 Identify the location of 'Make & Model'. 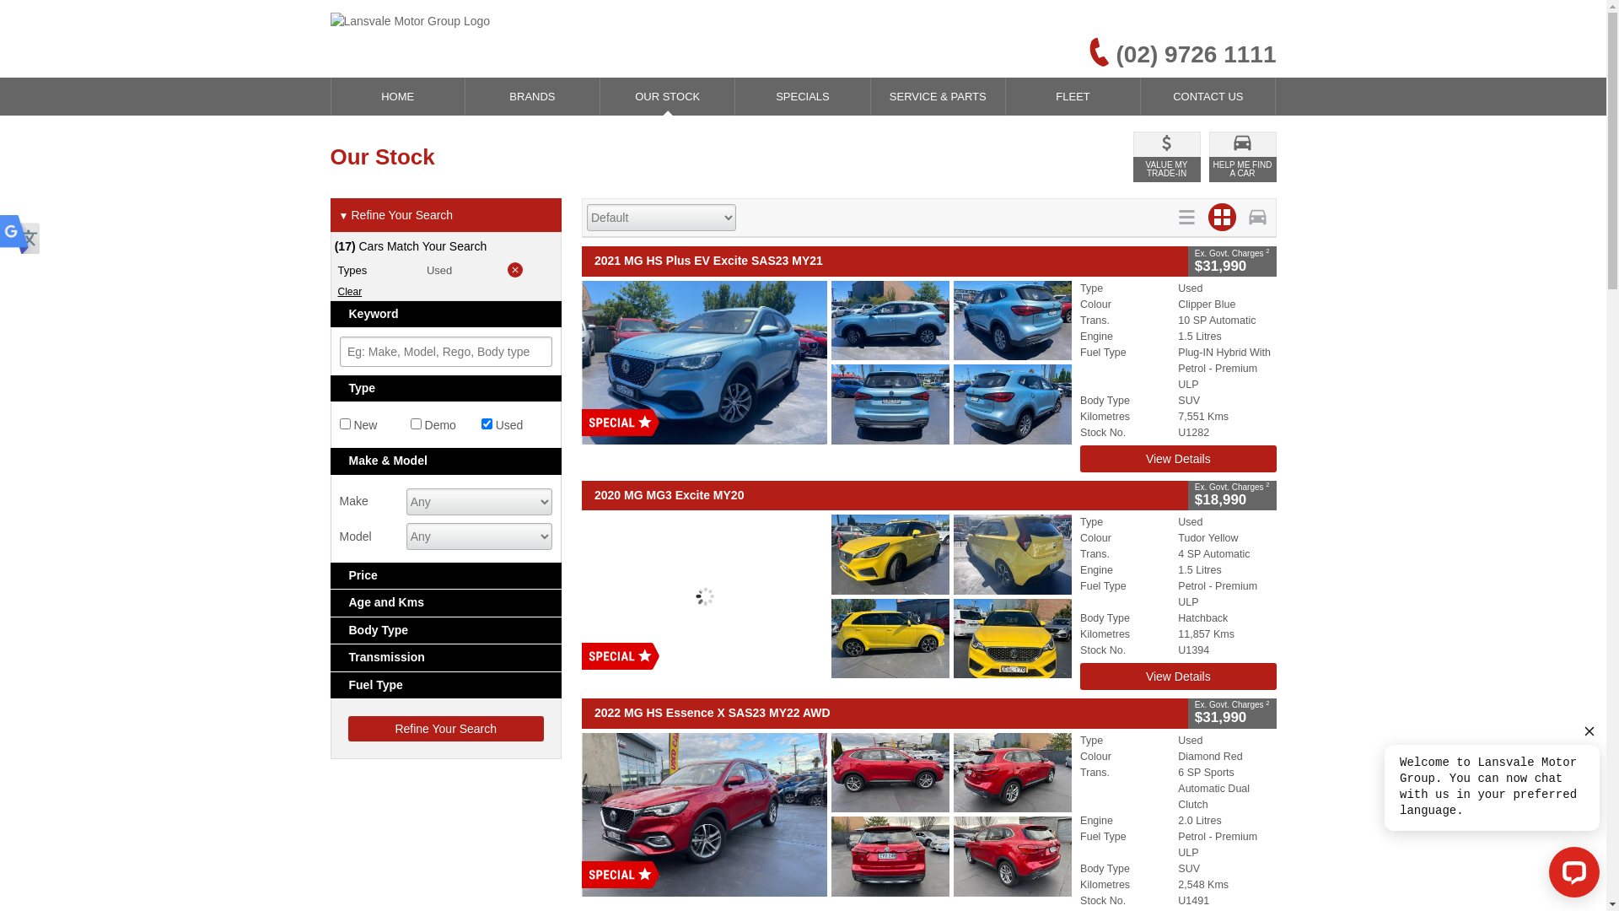
(446, 461).